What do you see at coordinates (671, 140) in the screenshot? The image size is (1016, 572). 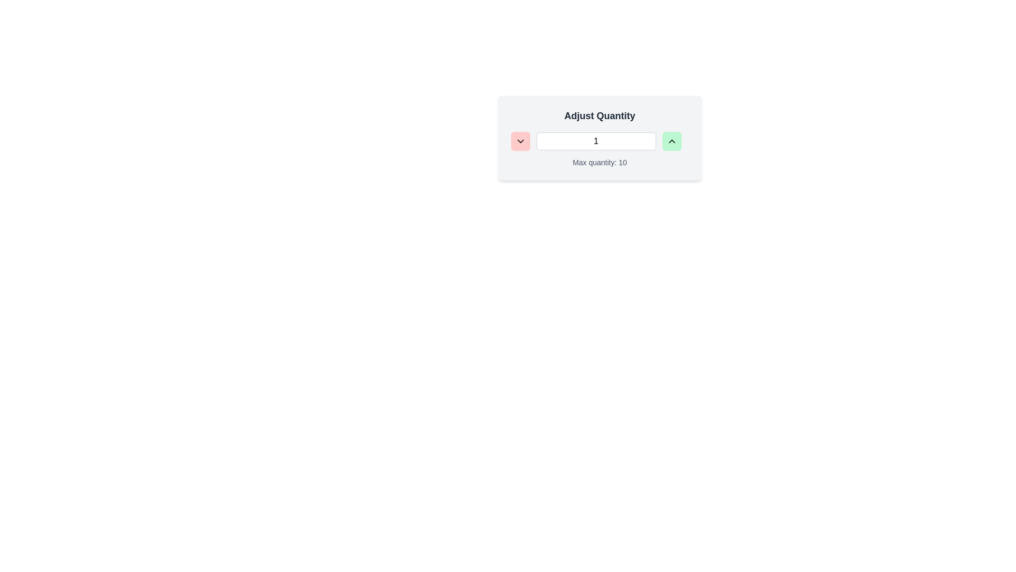 I see `the chevron-up icon located within the green button to the right of the numeric input field labeled '1'` at bounding box center [671, 140].